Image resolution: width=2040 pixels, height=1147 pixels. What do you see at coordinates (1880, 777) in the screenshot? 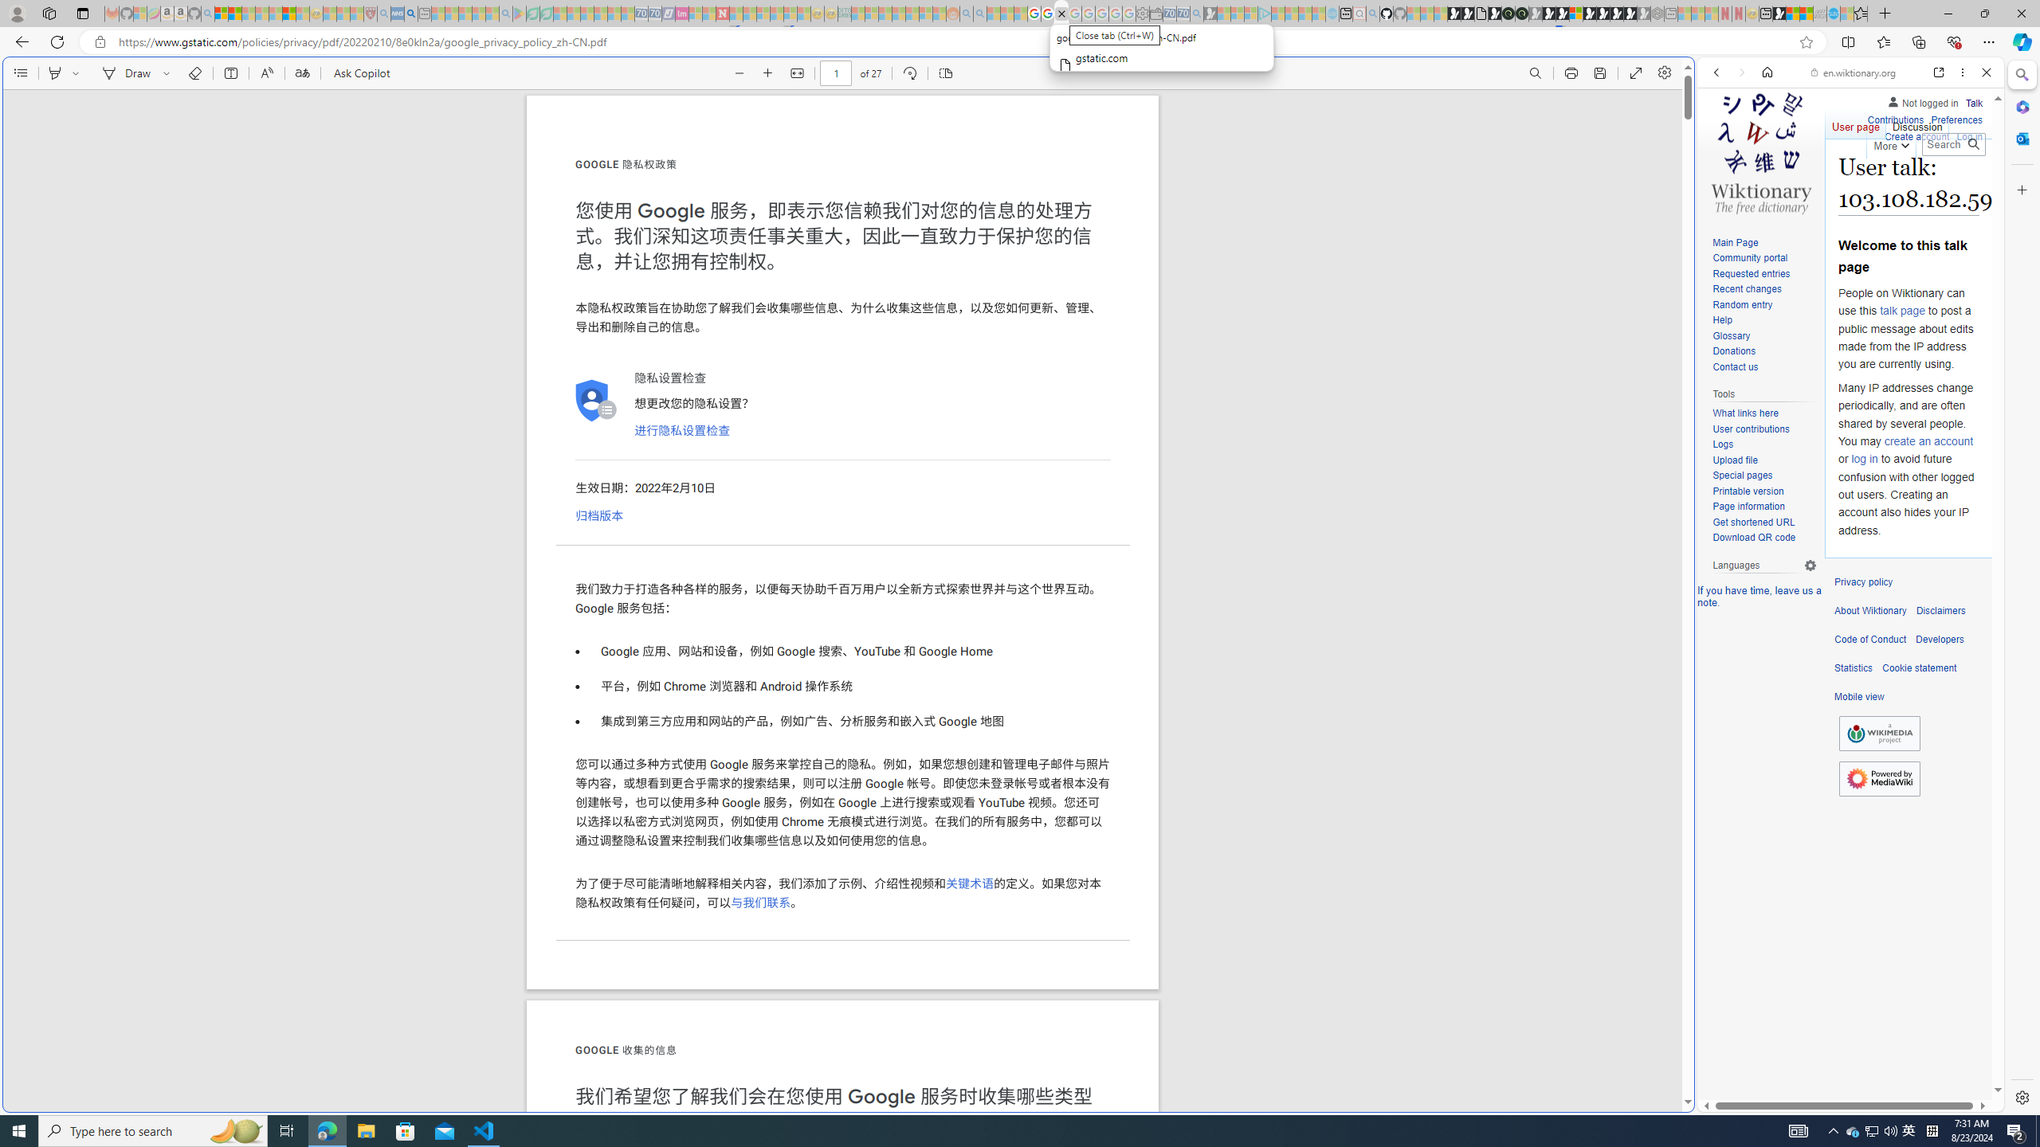
I see `'Powered by MediaWiki'` at bounding box center [1880, 777].